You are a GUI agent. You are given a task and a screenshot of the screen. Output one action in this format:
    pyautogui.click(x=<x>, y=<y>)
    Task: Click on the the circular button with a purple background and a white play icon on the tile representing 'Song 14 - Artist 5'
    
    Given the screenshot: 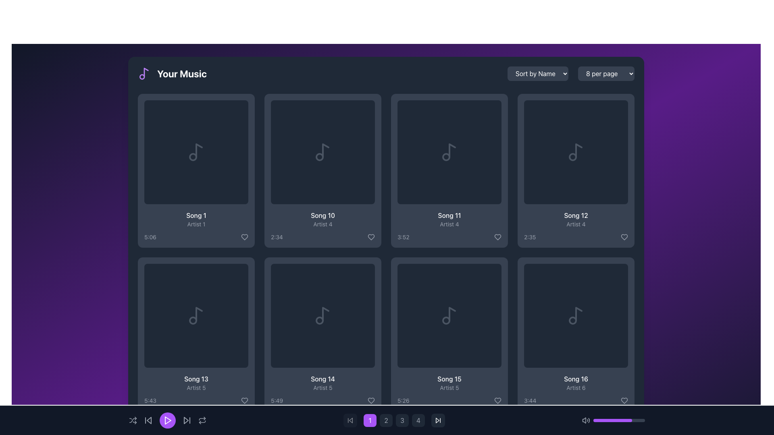 What is the action you would take?
    pyautogui.click(x=323, y=315)
    